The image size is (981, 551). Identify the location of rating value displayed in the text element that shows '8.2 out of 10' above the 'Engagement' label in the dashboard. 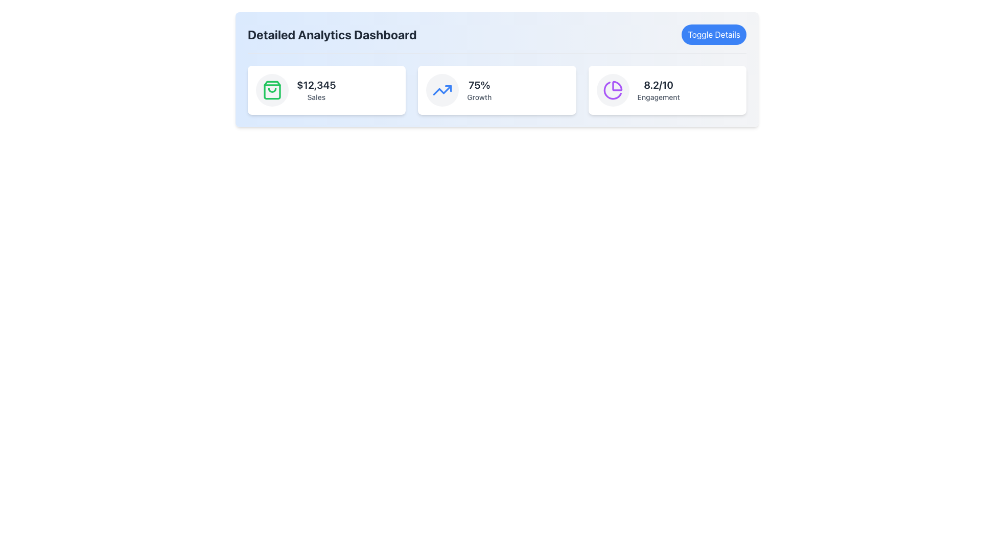
(659, 84).